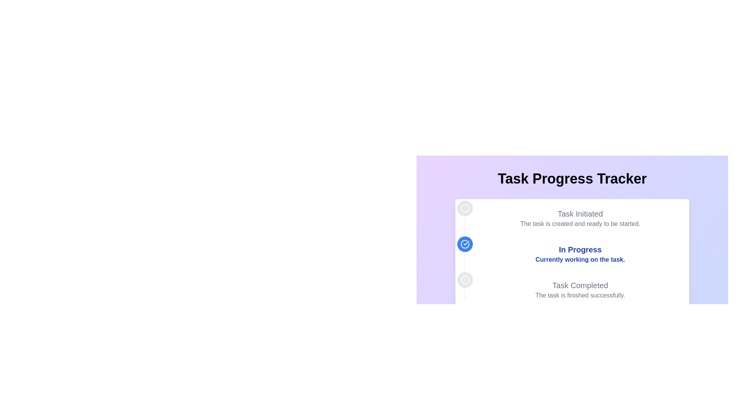 The height and width of the screenshot is (420, 746). Describe the element at coordinates (572, 254) in the screenshot. I see `the informational text block representing the current status in the task progress tracker, which is the second milestone in a vertical list of three progress points` at that location.